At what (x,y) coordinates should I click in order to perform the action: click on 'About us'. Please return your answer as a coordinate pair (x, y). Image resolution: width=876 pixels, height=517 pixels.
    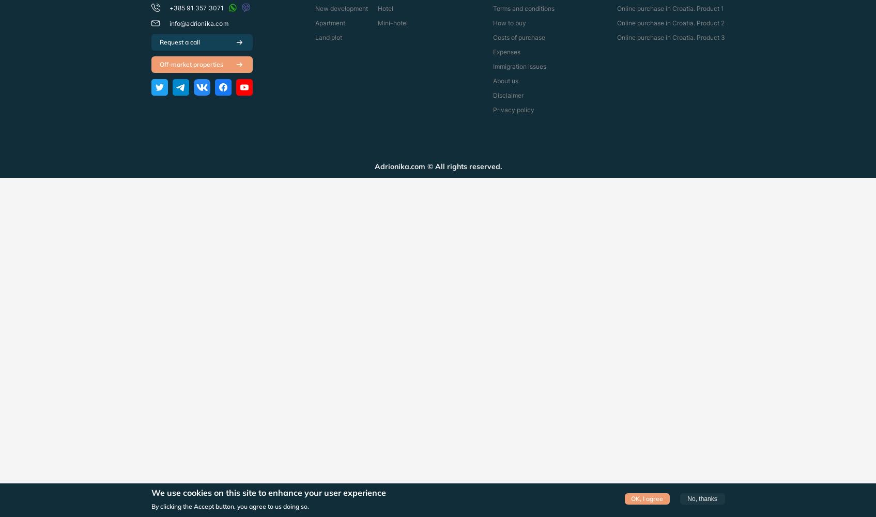
    Looking at the image, I should click on (505, 81).